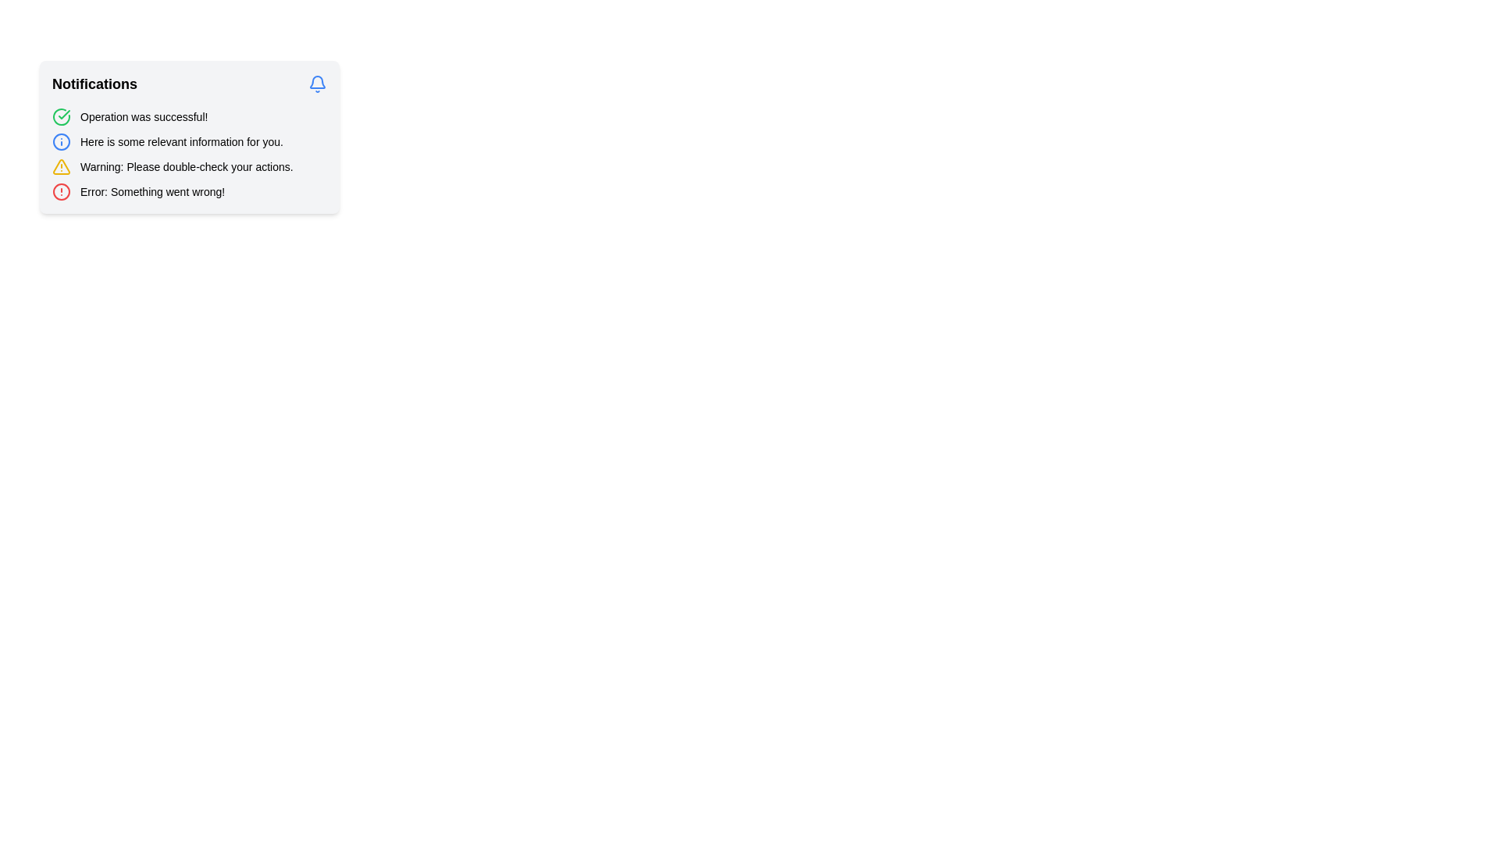  I want to click on warning text from the notification item which displays 'Warning: Please double-check your actions.' This notification is the third in a vertical stack, located between two other notifications, so click(189, 166).